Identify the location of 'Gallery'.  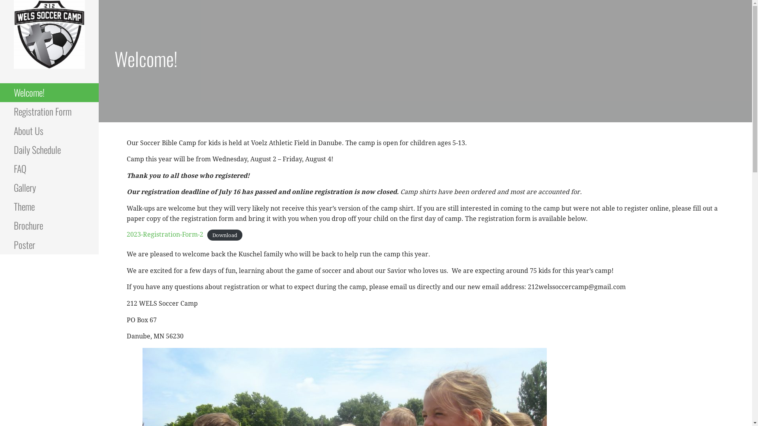
(49, 187).